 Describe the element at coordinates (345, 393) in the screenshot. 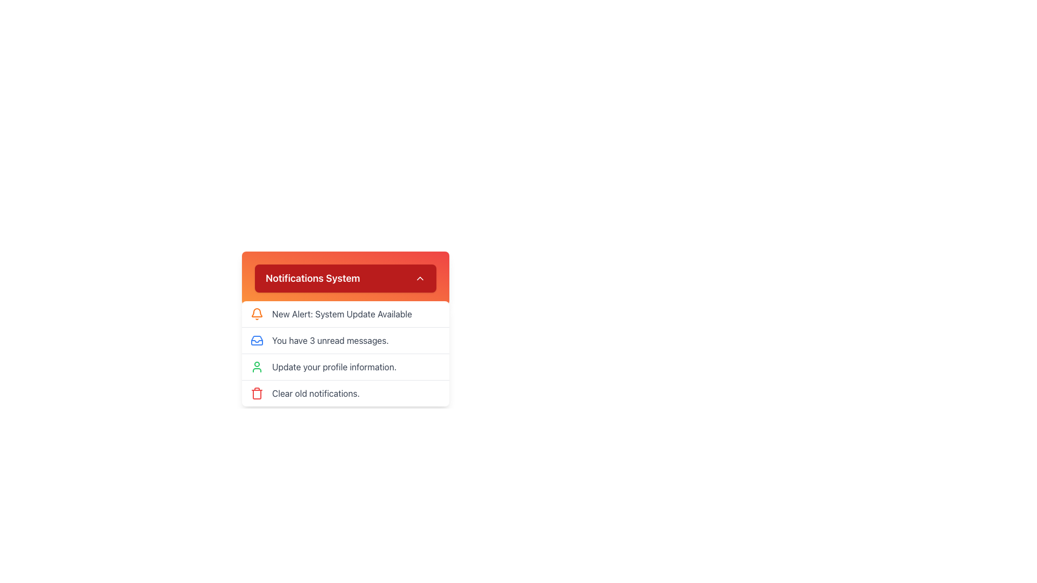

I see `the fourth item in the dropdown list under the 'Notifications System' header to potentially clear old notifications` at that location.